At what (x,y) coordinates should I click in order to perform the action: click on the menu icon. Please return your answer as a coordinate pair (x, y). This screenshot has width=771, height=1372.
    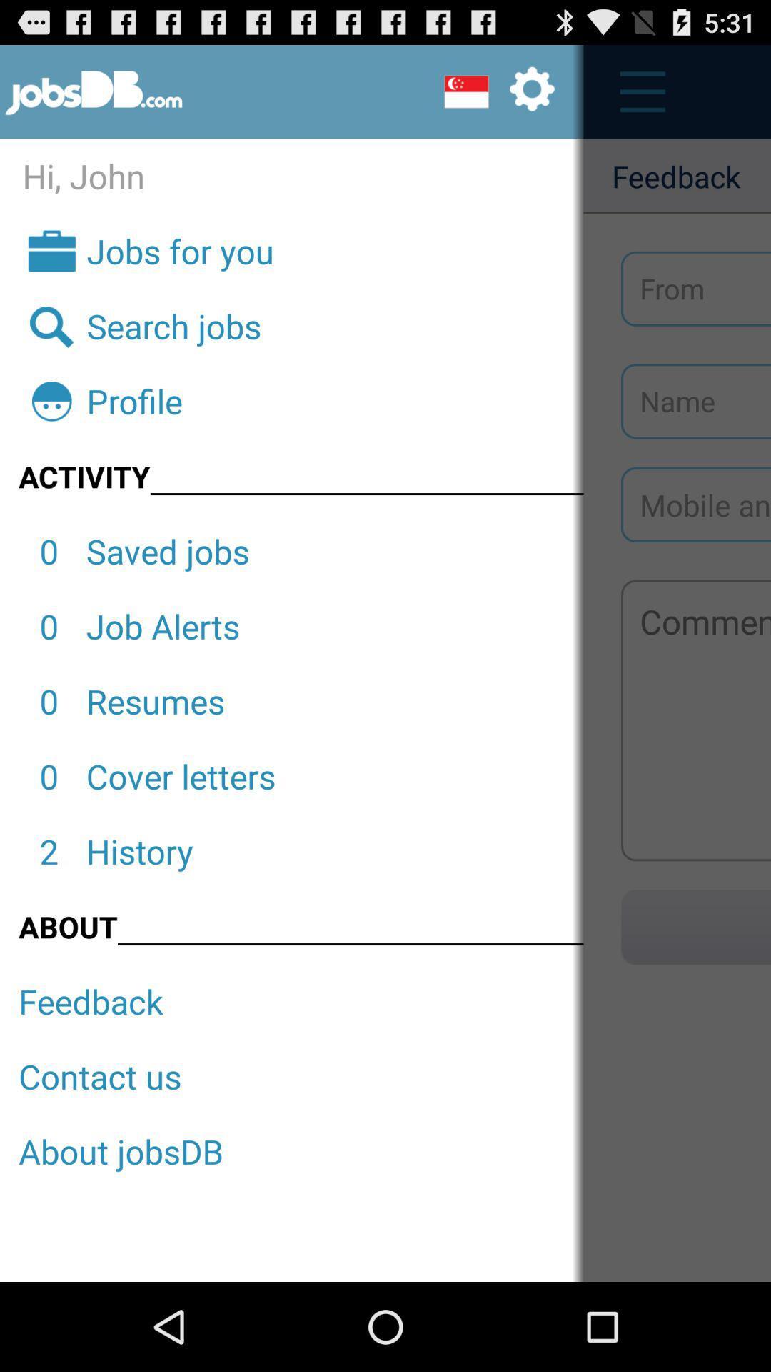
    Looking at the image, I should click on (634, 98).